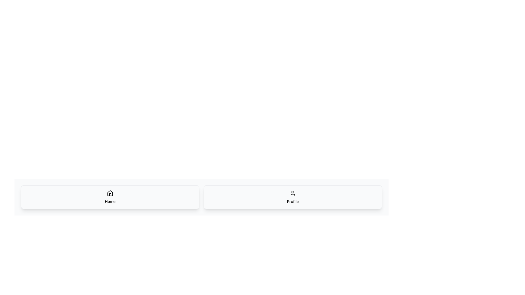  What do you see at coordinates (110, 197) in the screenshot?
I see `the 'Home' interactive button, which is the leftmost item in the bottom grid, redirecting users to the home page or main dashboard` at bounding box center [110, 197].